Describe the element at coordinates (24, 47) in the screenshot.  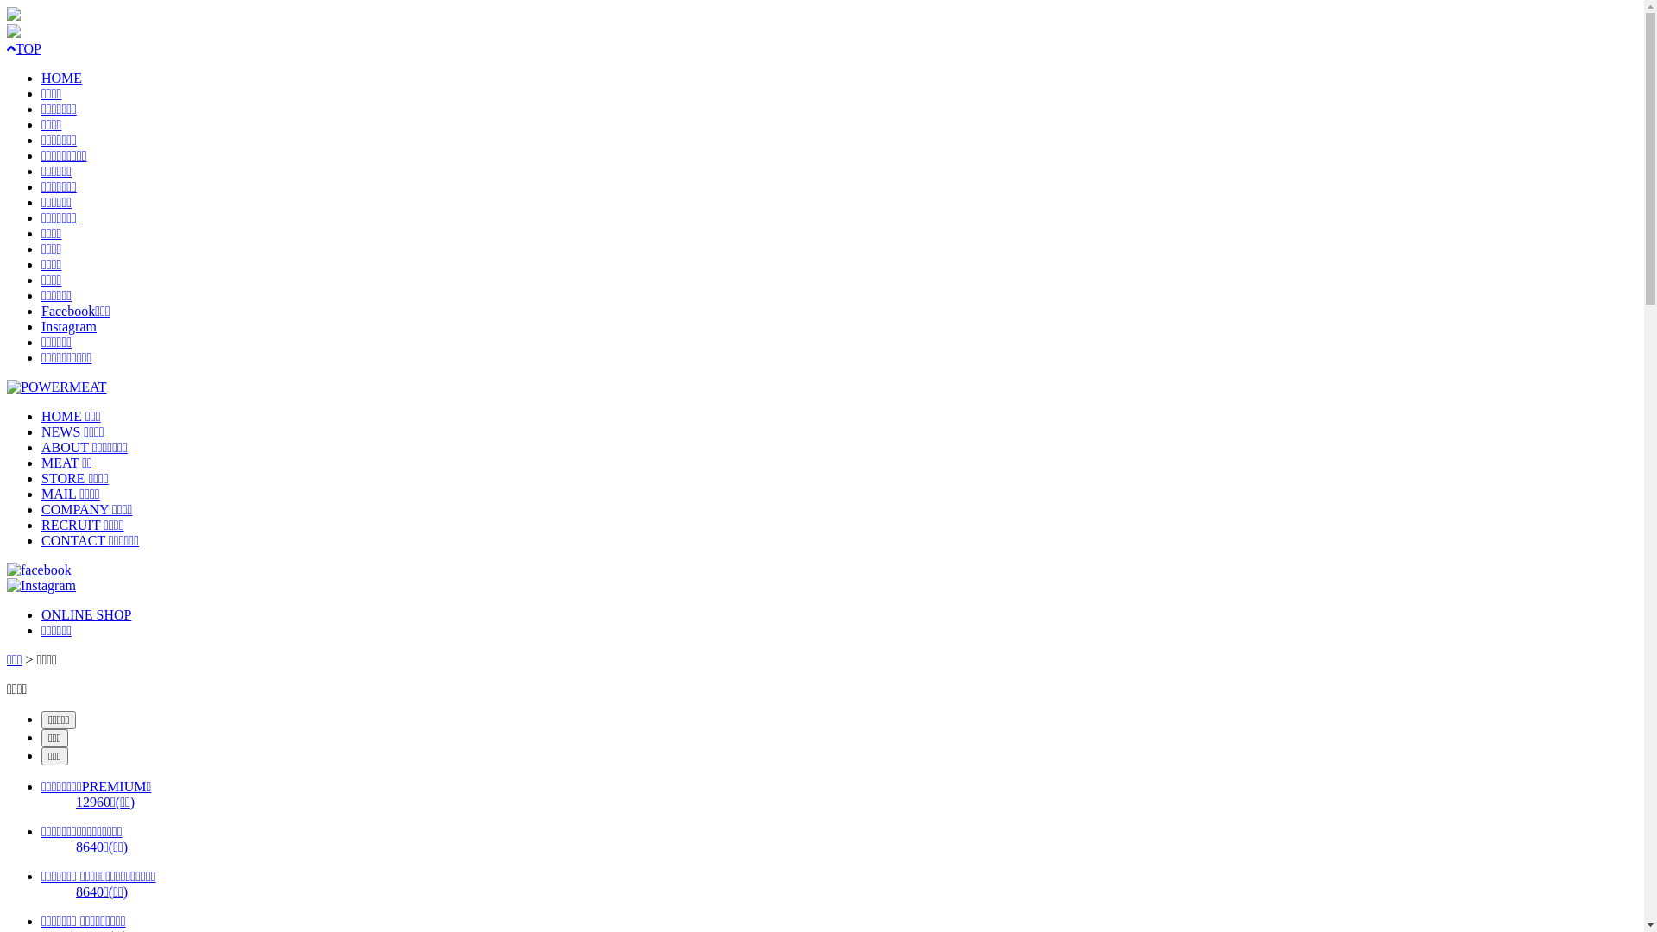
I see `'TOP'` at that location.